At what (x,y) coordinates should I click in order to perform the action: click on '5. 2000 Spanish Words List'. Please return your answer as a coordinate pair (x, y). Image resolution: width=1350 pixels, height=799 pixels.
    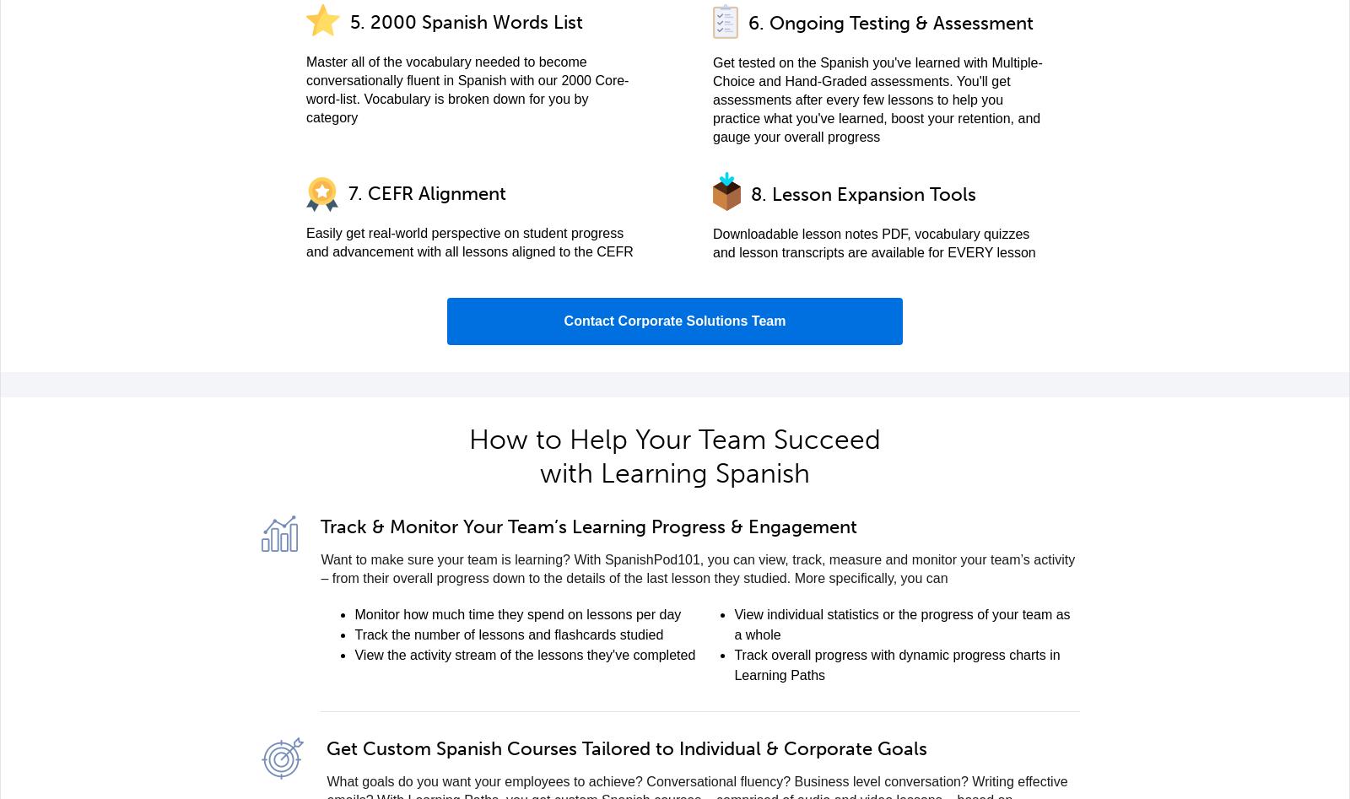
    Looking at the image, I should click on (465, 22).